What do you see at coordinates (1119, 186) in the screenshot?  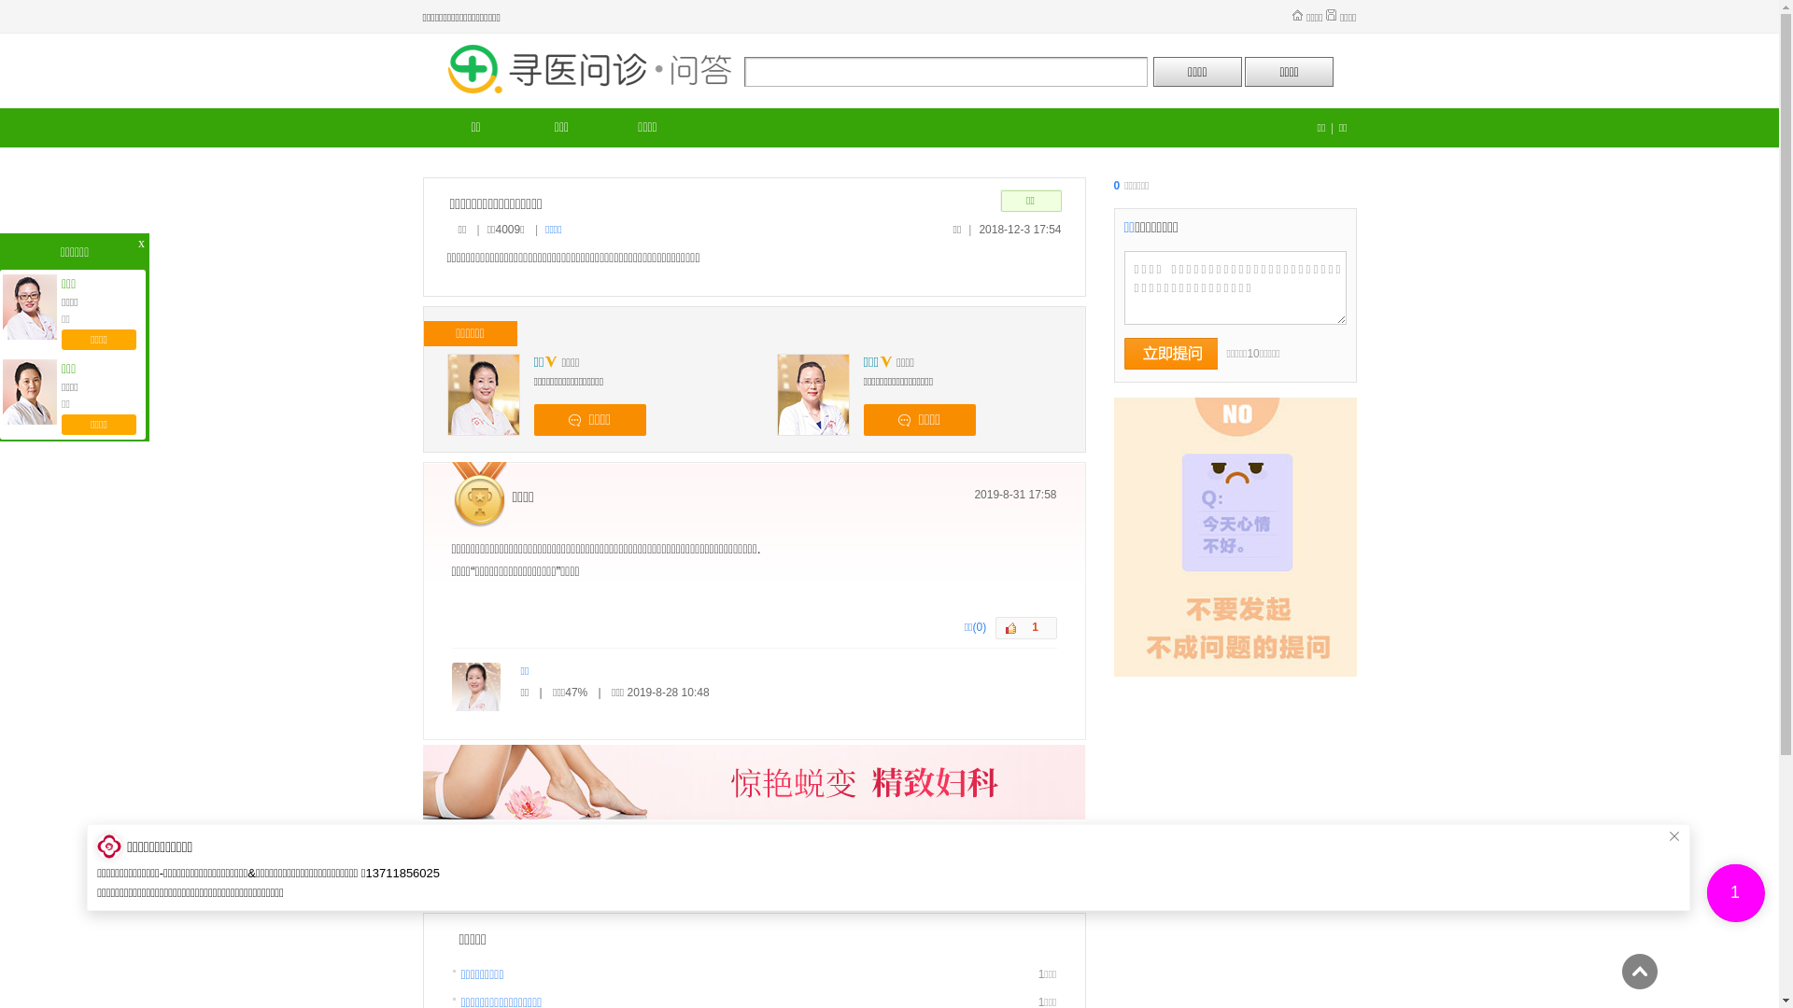 I see `'0'` at bounding box center [1119, 186].